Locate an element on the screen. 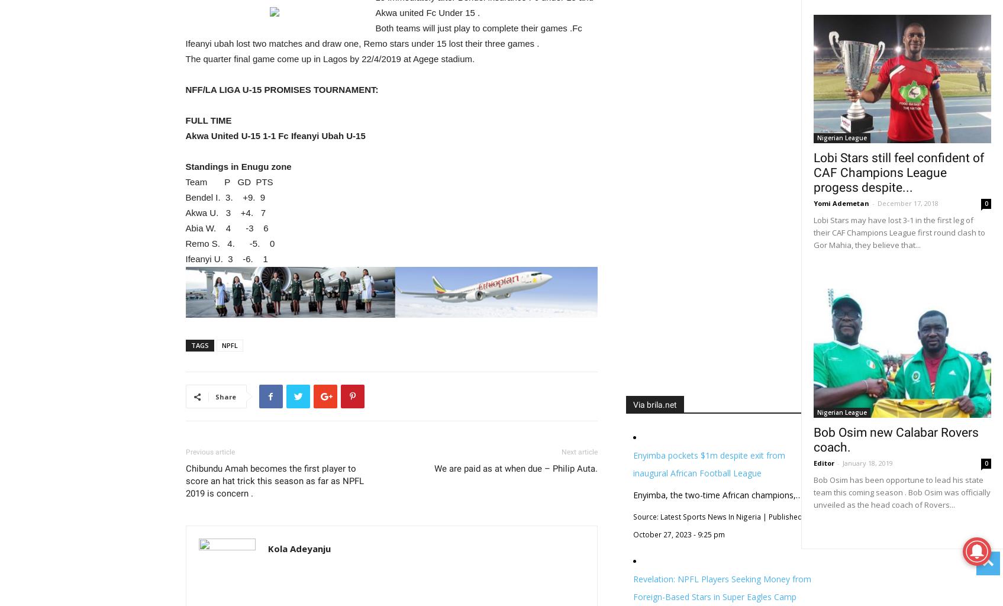 The width and height of the screenshot is (1003, 606). 'FULL TIME' is located at coordinates (208, 120).